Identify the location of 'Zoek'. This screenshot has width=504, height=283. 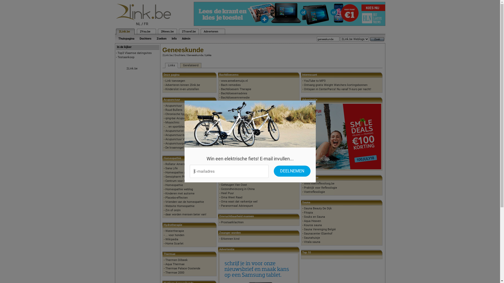
(377, 39).